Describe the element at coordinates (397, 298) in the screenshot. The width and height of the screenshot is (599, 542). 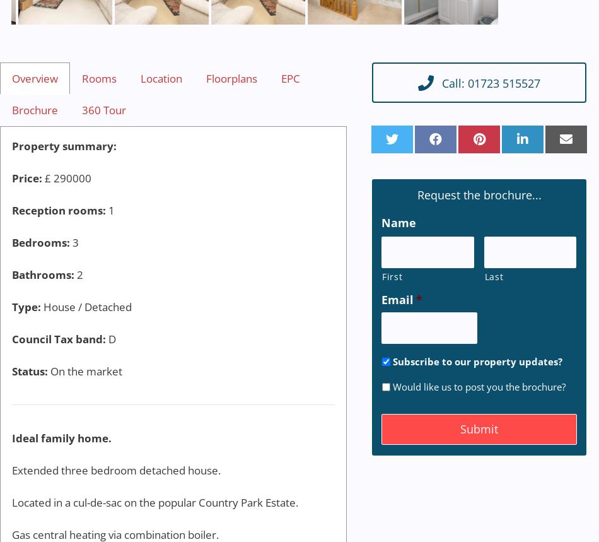
I see `'Email'` at that location.